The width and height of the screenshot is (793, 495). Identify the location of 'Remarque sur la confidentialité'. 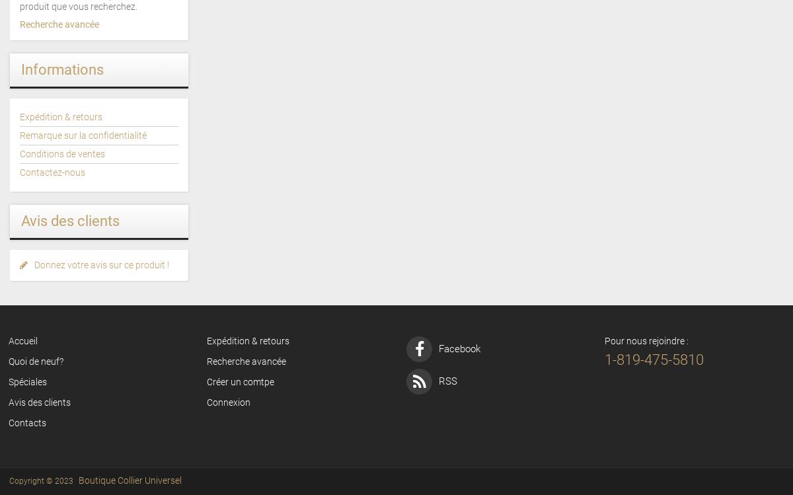
(83, 135).